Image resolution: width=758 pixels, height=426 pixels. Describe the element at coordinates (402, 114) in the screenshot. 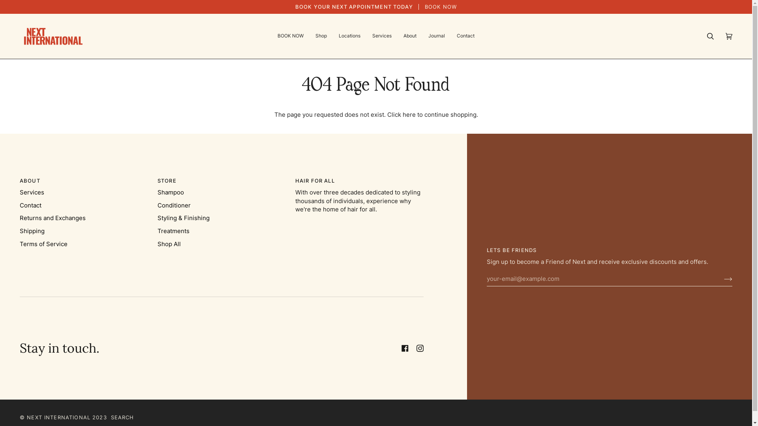

I see `'here'` at that location.